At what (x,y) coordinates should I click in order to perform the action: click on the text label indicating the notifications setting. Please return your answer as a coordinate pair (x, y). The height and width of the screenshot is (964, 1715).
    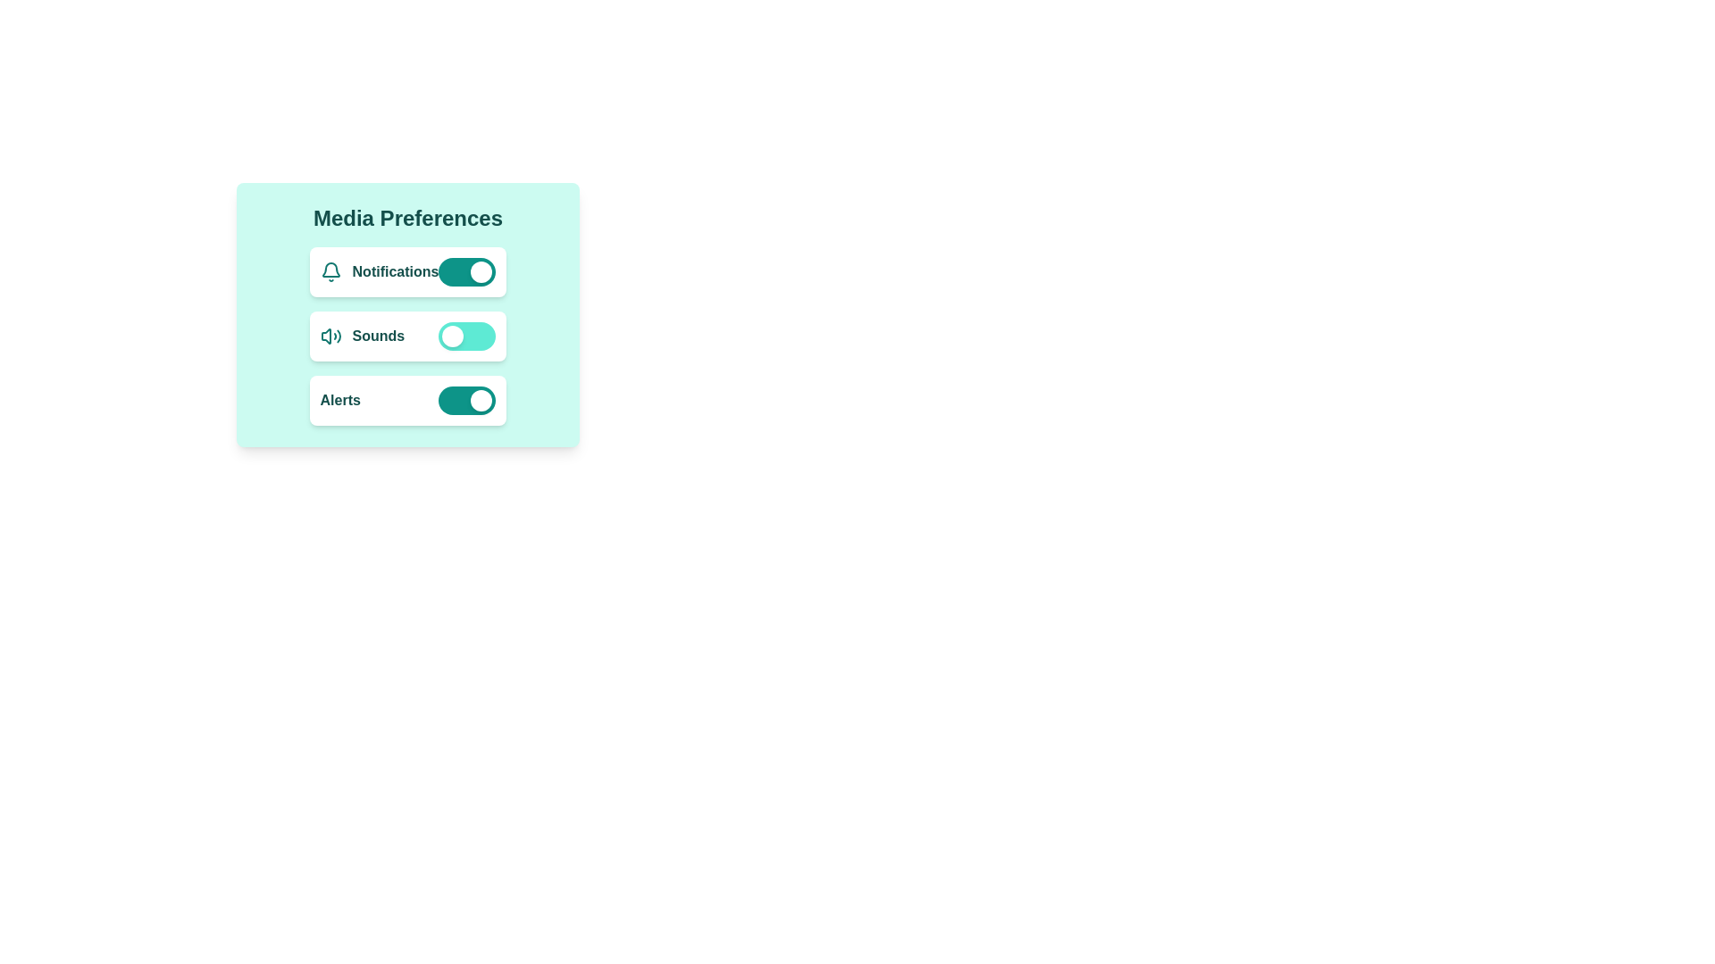
    Looking at the image, I should click on (378, 271).